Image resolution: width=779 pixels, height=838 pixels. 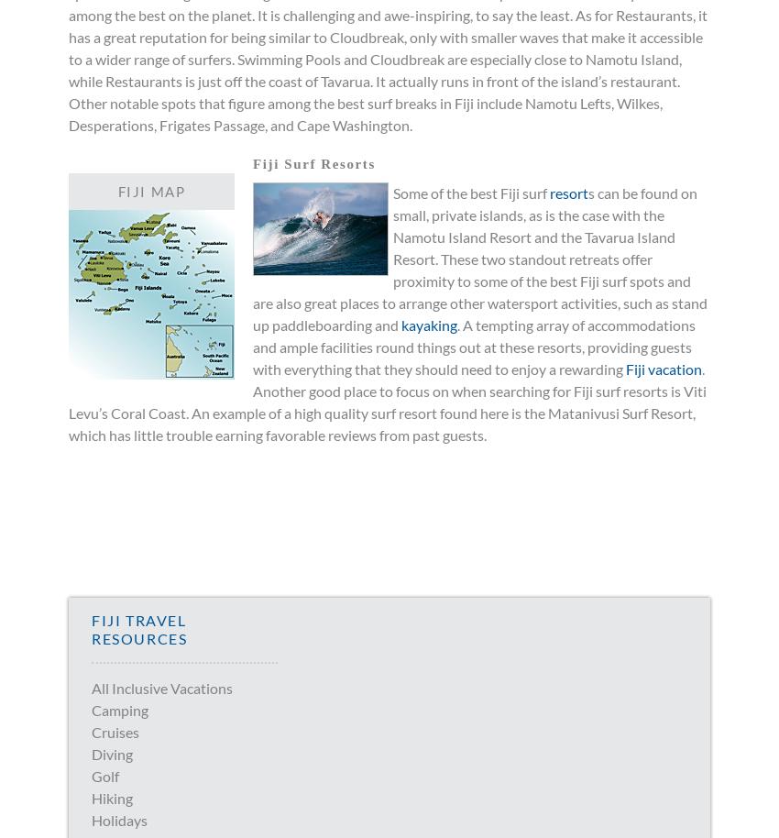 I want to click on 'Holidays', so click(x=119, y=819).